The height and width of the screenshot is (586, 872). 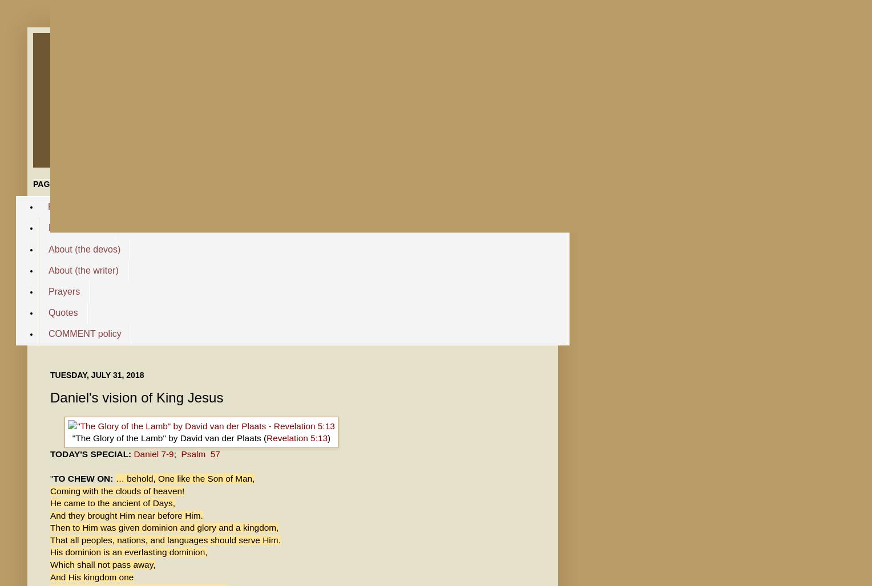 I want to click on 'Prayers', so click(x=63, y=290).